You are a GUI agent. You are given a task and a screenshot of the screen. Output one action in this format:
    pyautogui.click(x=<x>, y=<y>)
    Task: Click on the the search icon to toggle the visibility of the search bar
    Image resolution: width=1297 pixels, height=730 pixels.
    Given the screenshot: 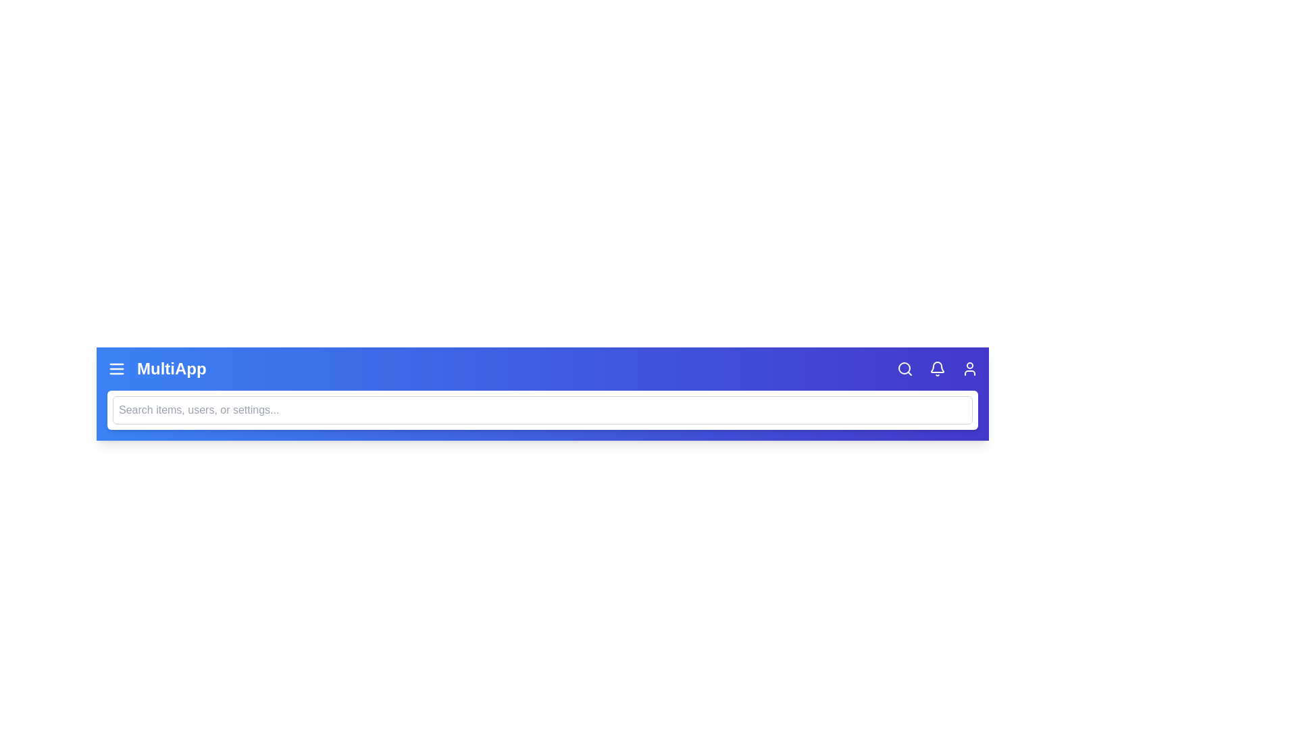 What is the action you would take?
    pyautogui.click(x=905, y=369)
    